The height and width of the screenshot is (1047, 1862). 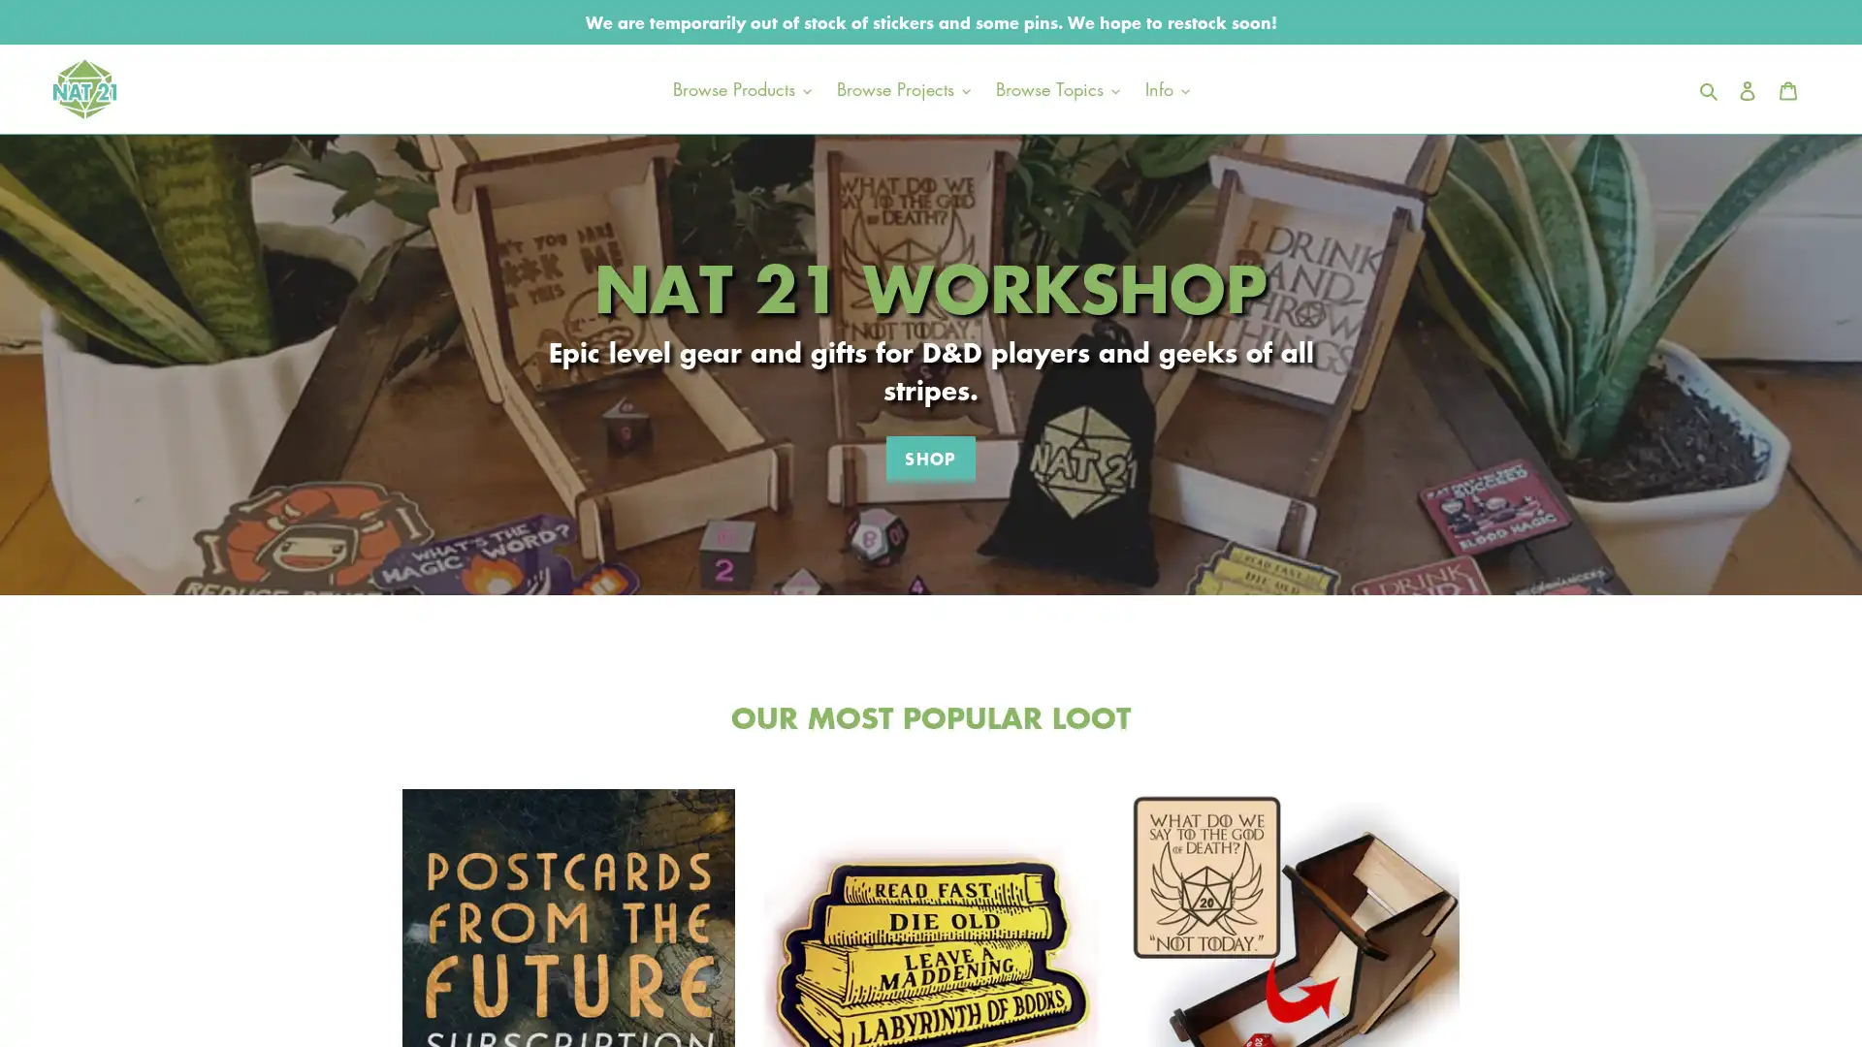 What do you see at coordinates (902, 88) in the screenshot?
I see `Browse Projects` at bounding box center [902, 88].